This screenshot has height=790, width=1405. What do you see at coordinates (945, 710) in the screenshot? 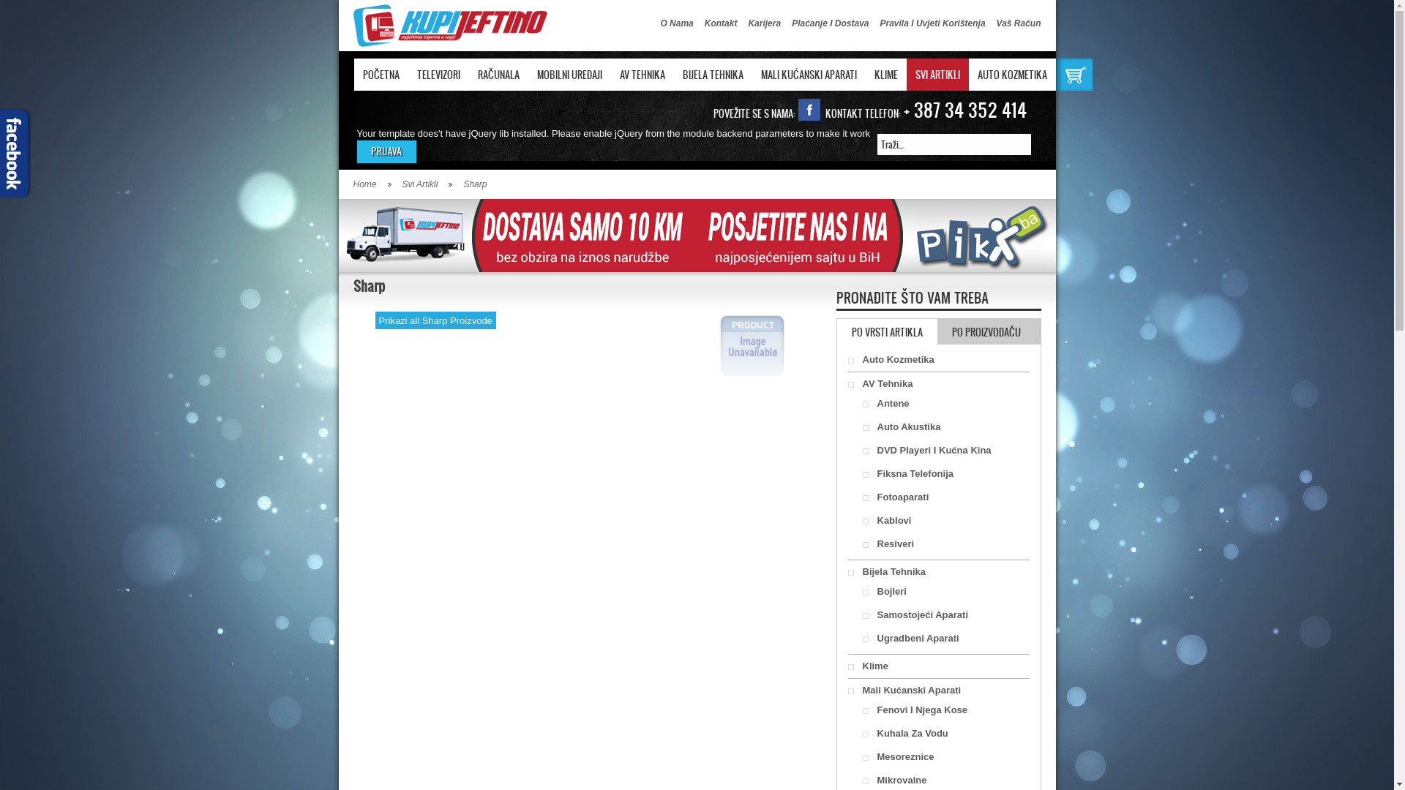
I see `'Fenovi I Njega Kose'` at bounding box center [945, 710].